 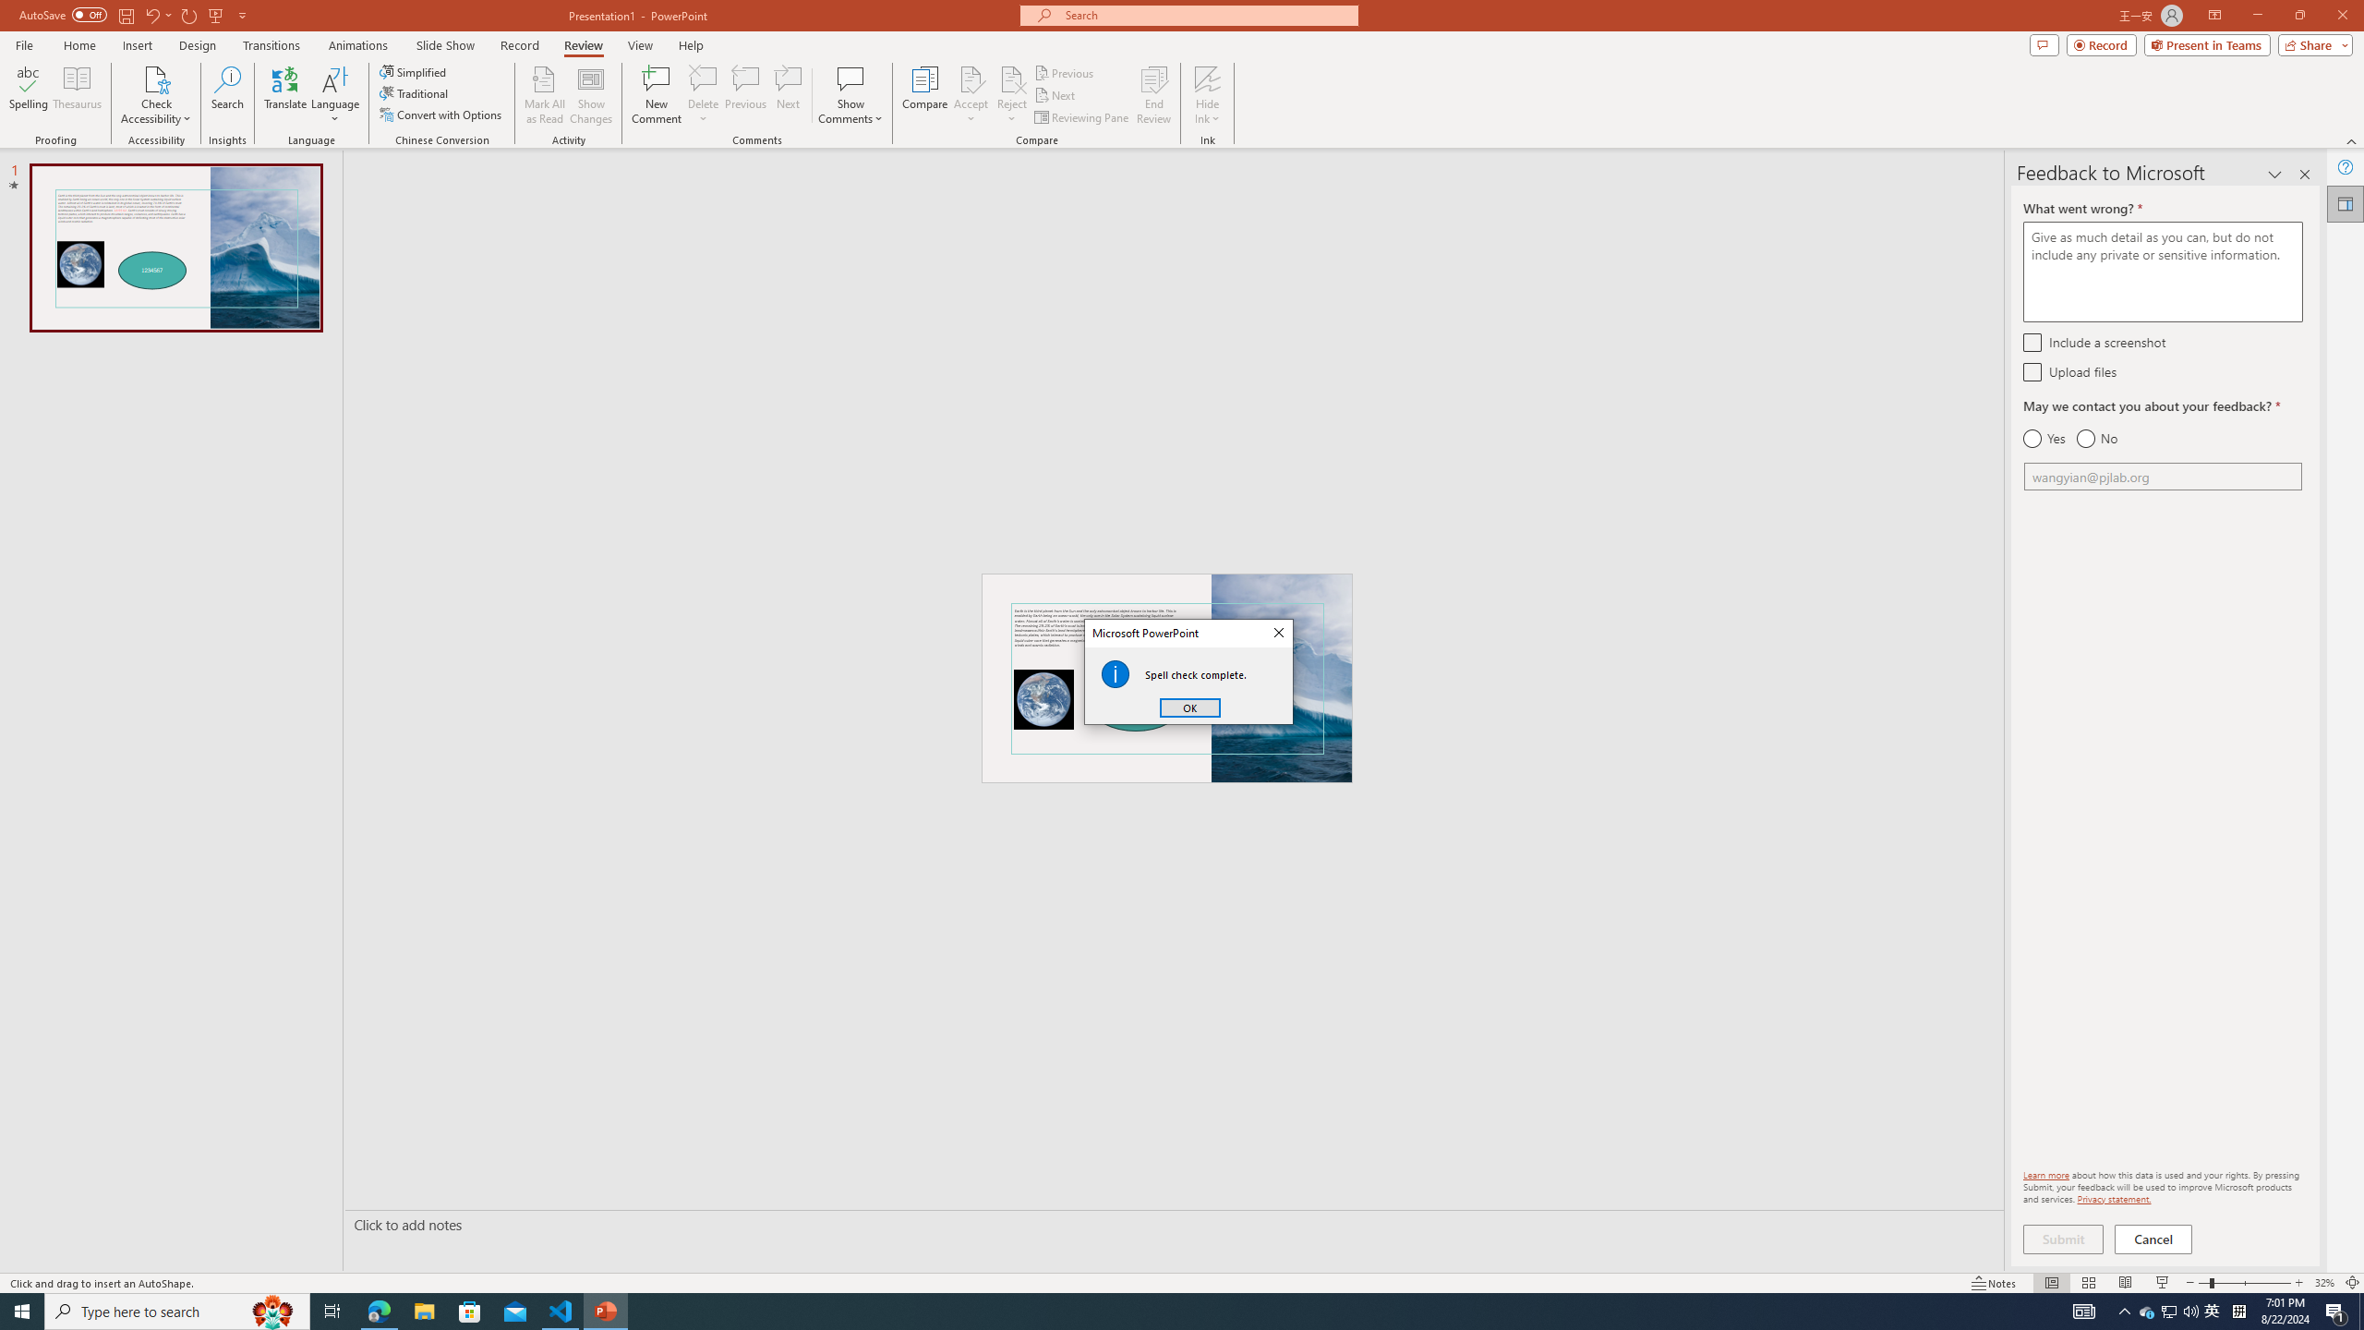 What do you see at coordinates (703, 95) in the screenshot?
I see `'Delete'` at bounding box center [703, 95].